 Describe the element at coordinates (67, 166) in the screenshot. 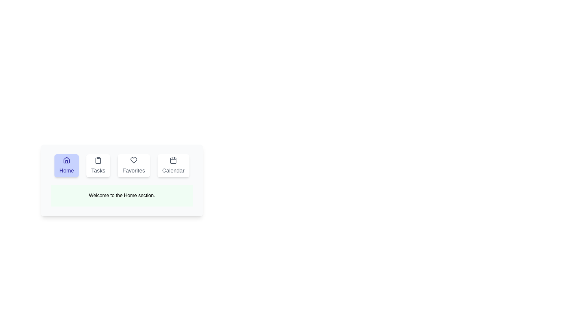

I see `the tab button labeled Home` at that location.